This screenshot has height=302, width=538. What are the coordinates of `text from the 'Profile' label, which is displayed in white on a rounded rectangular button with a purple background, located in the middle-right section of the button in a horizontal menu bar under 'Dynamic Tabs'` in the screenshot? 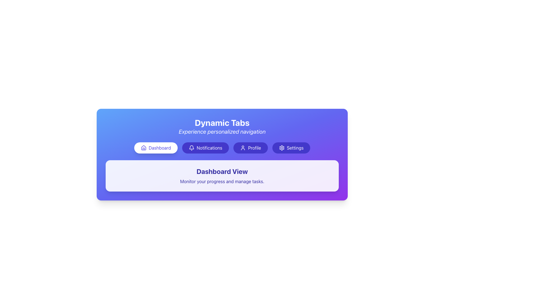 It's located at (254, 147).